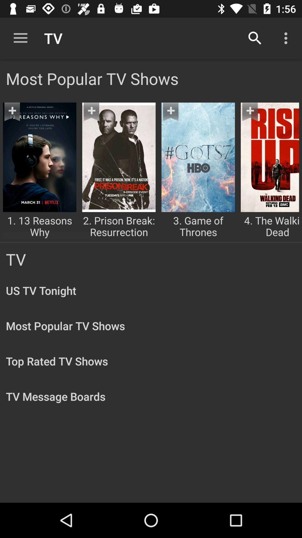 The image size is (302, 538). Describe the element at coordinates (287, 38) in the screenshot. I see `the item above the most popular tv` at that location.